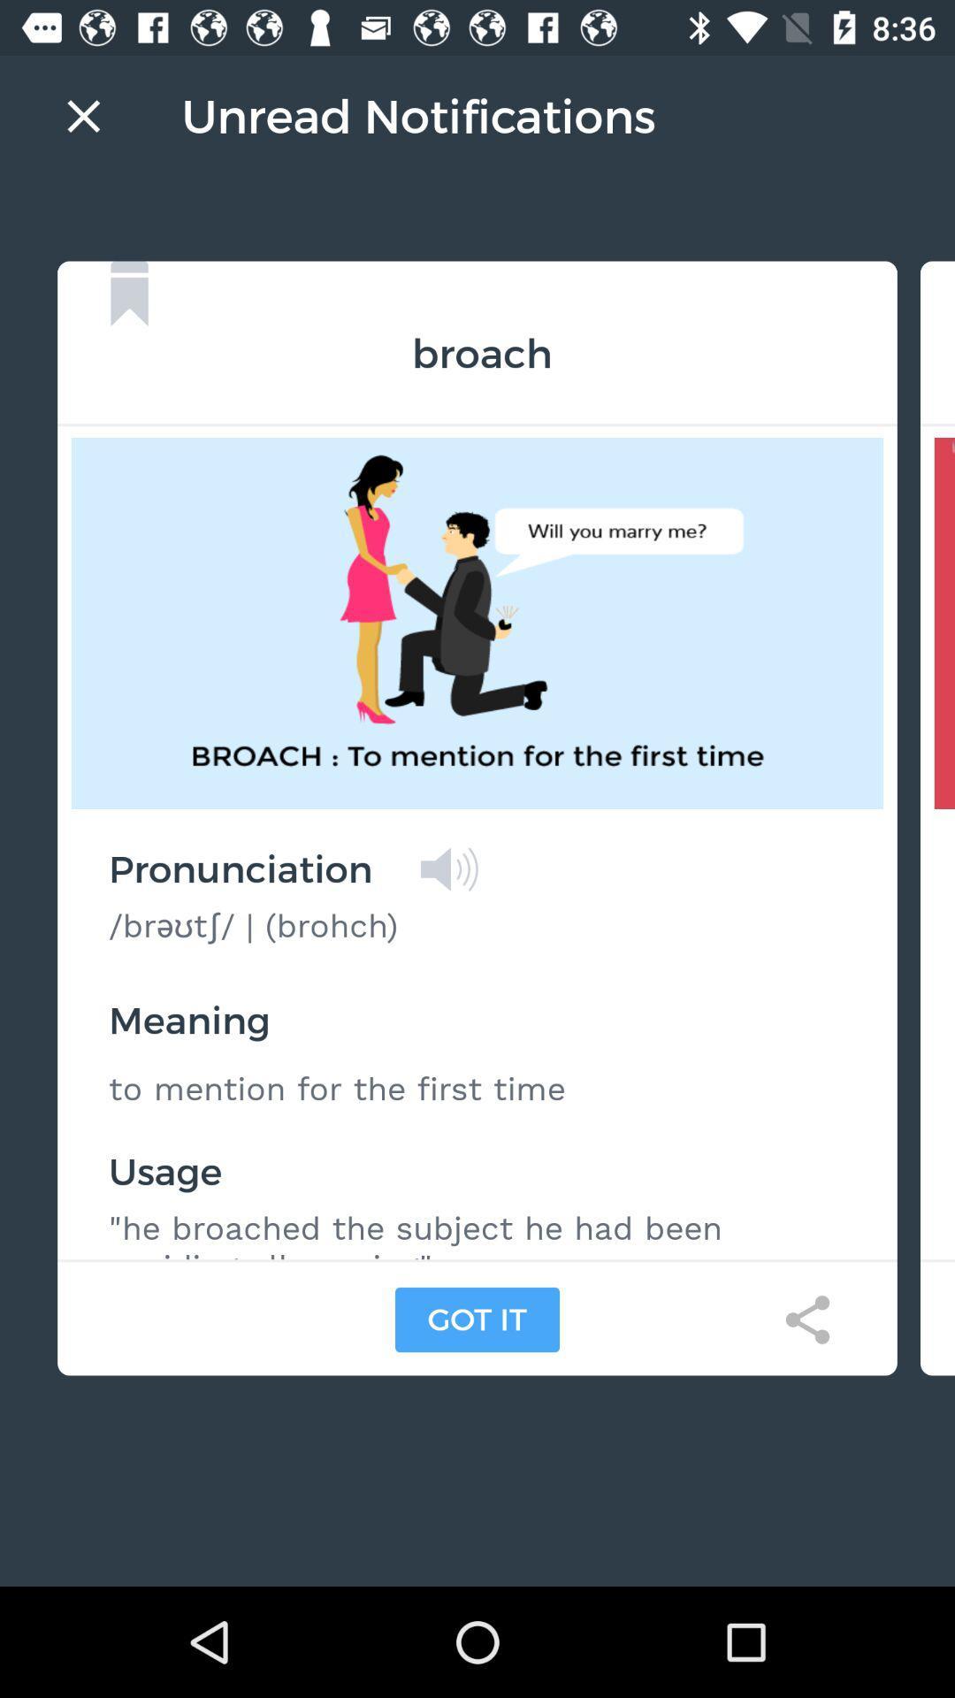 Image resolution: width=955 pixels, height=1698 pixels. What do you see at coordinates (83, 115) in the screenshot?
I see `cancel` at bounding box center [83, 115].